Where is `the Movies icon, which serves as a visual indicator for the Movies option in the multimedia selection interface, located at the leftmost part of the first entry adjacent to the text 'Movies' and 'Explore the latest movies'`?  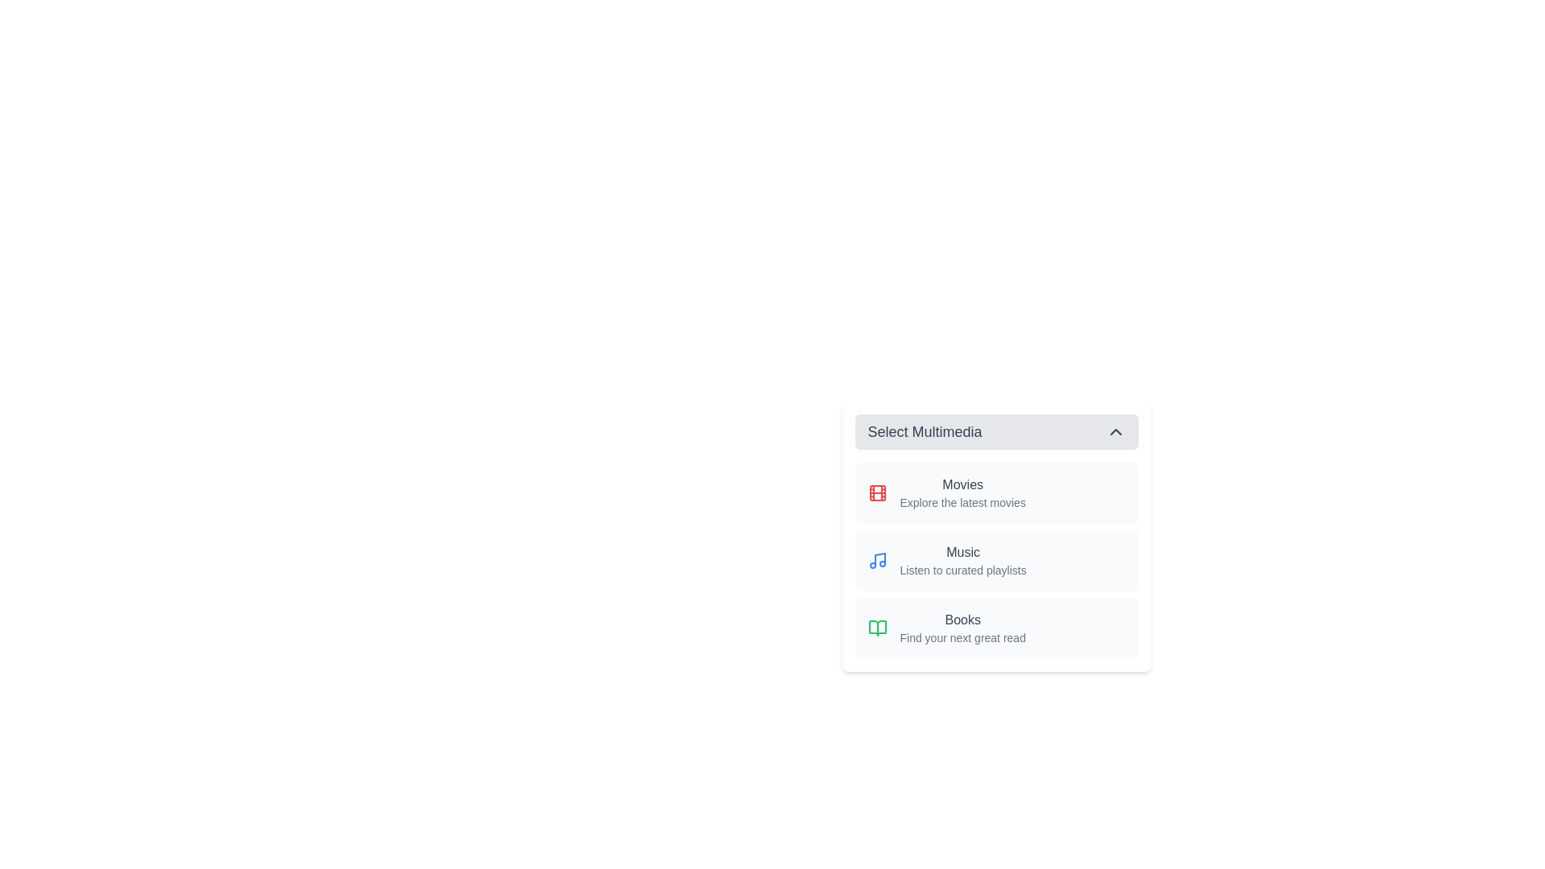
the Movies icon, which serves as a visual indicator for the Movies option in the multimedia selection interface, located at the leftmost part of the first entry adjacent to the text 'Movies' and 'Explore the latest movies' is located at coordinates (876, 492).